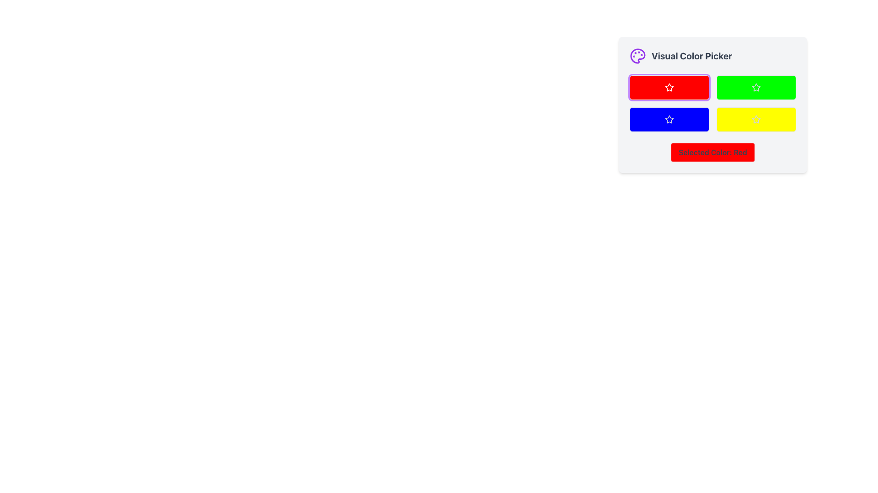 Image resolution: width=878 pixels, height=493 pixels. I want to click on the first button in the color-selection interface labeled 'Visual Color Picker', so click(669, 88).